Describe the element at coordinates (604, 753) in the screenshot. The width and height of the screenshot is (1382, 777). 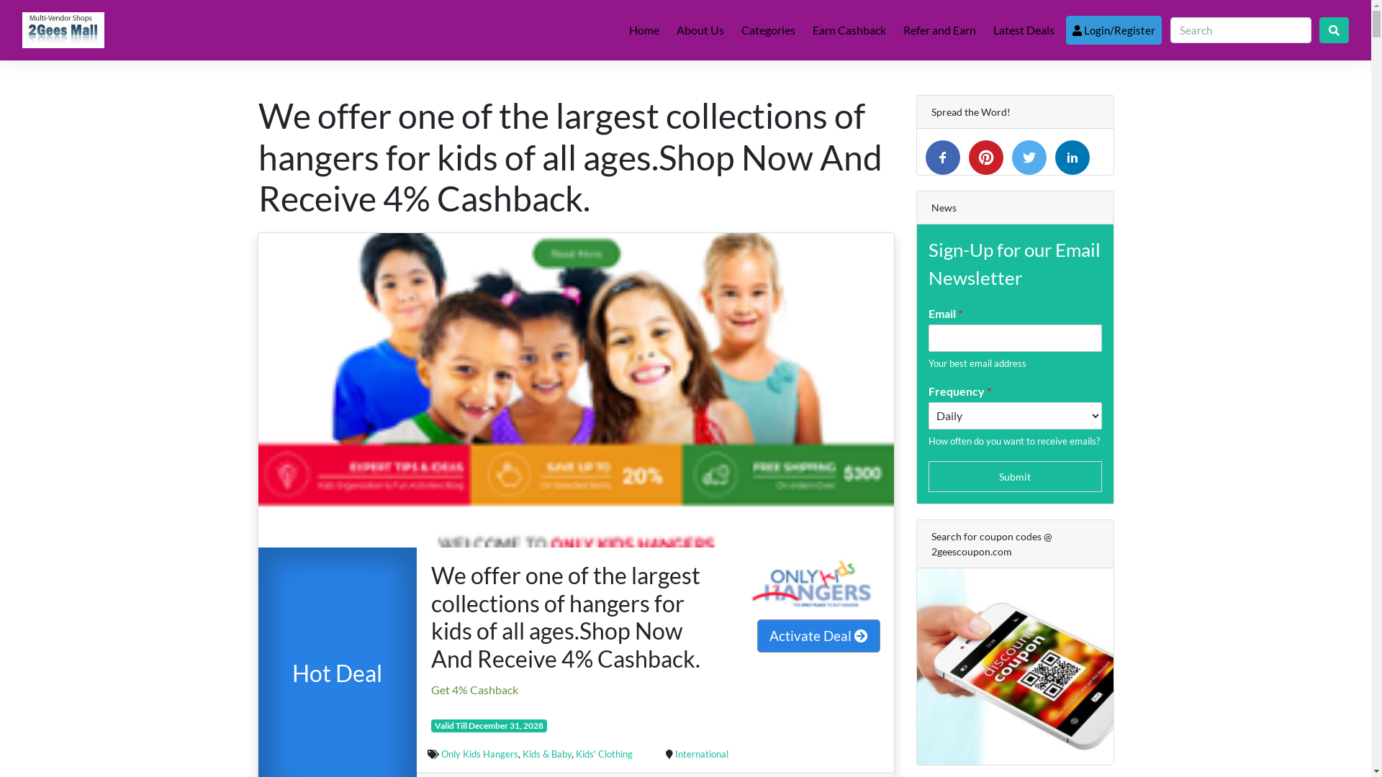
I see `'Kids' Clothing'` at that location.